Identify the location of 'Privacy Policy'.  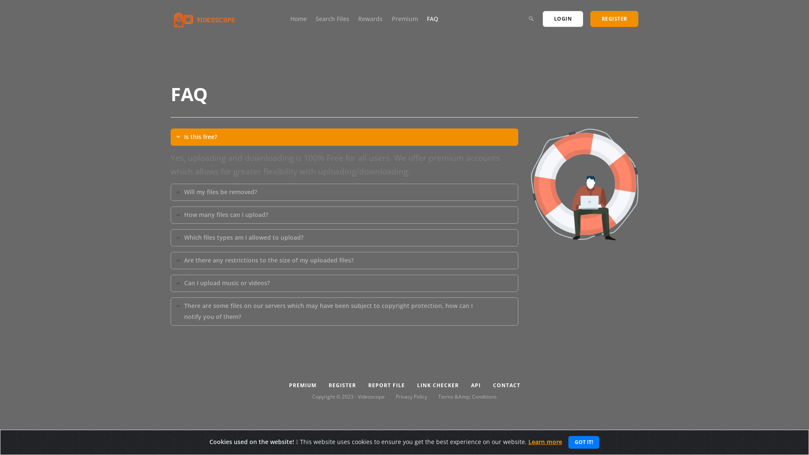
(411, 396).